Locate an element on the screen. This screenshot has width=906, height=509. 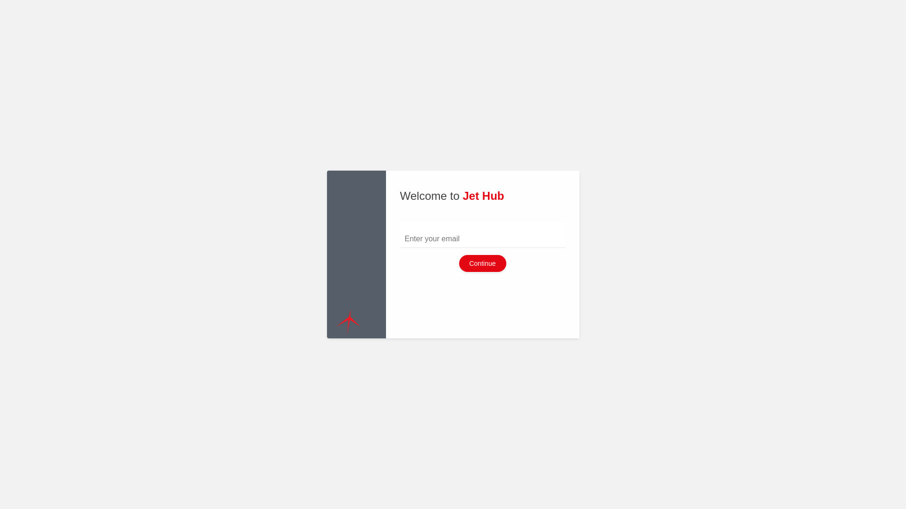
'Continue' is located at coordinates (482, 263).